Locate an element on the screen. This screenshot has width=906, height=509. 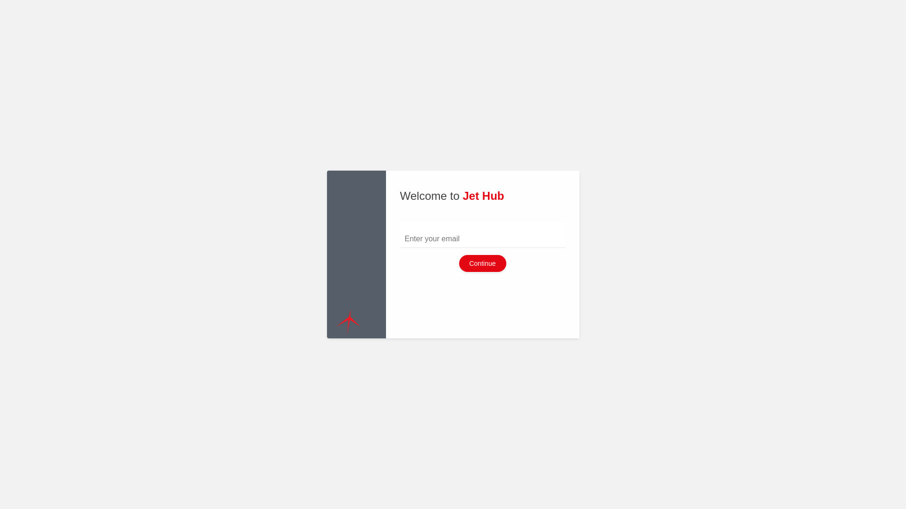
'Continue' is located at coordinates (482, 263).